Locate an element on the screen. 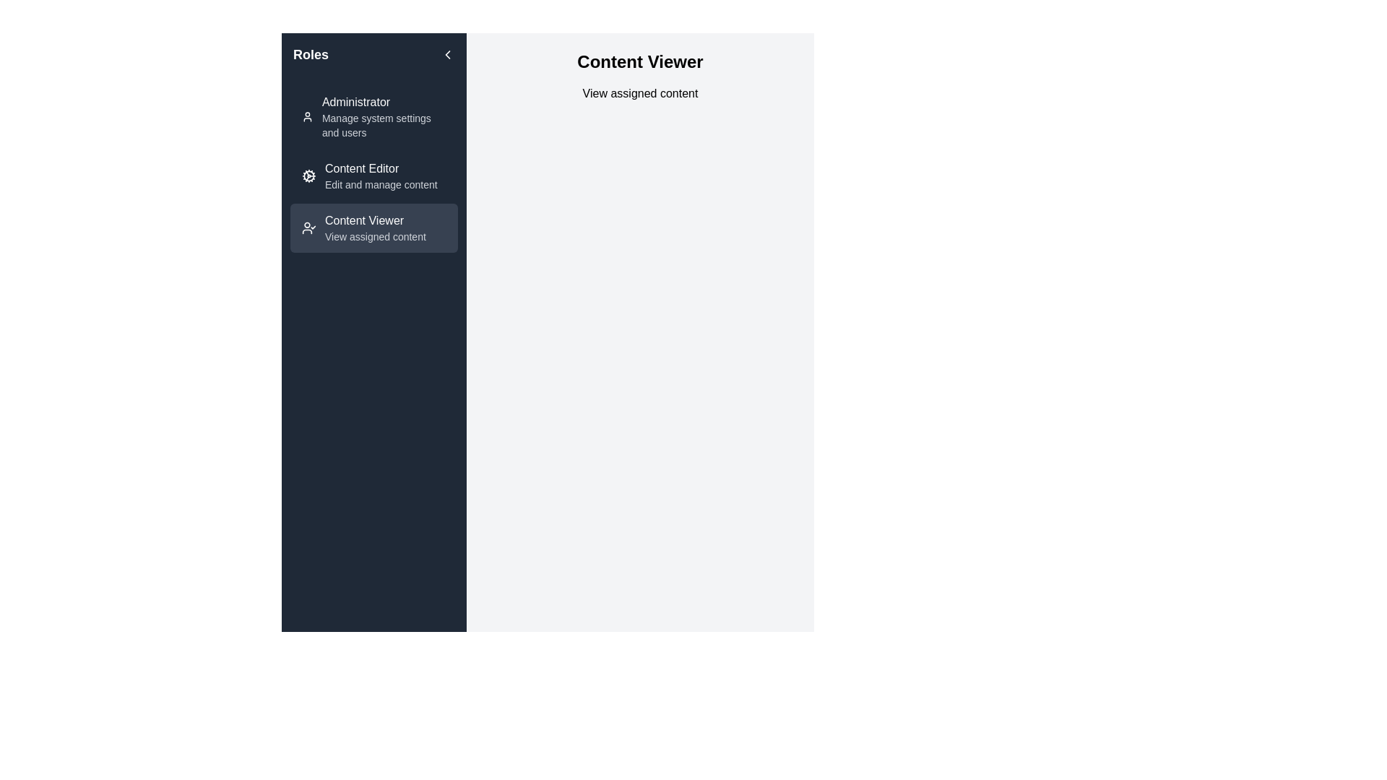  the label displaying 'View assigned content', which is located directly under the 'Content Viewer' title in the right-hand side column of the navigation pane is located at coordinates (375, 235).